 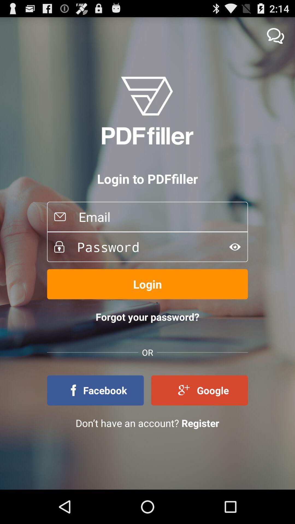 I want to click on write your email address, so click(x=157, y=216).